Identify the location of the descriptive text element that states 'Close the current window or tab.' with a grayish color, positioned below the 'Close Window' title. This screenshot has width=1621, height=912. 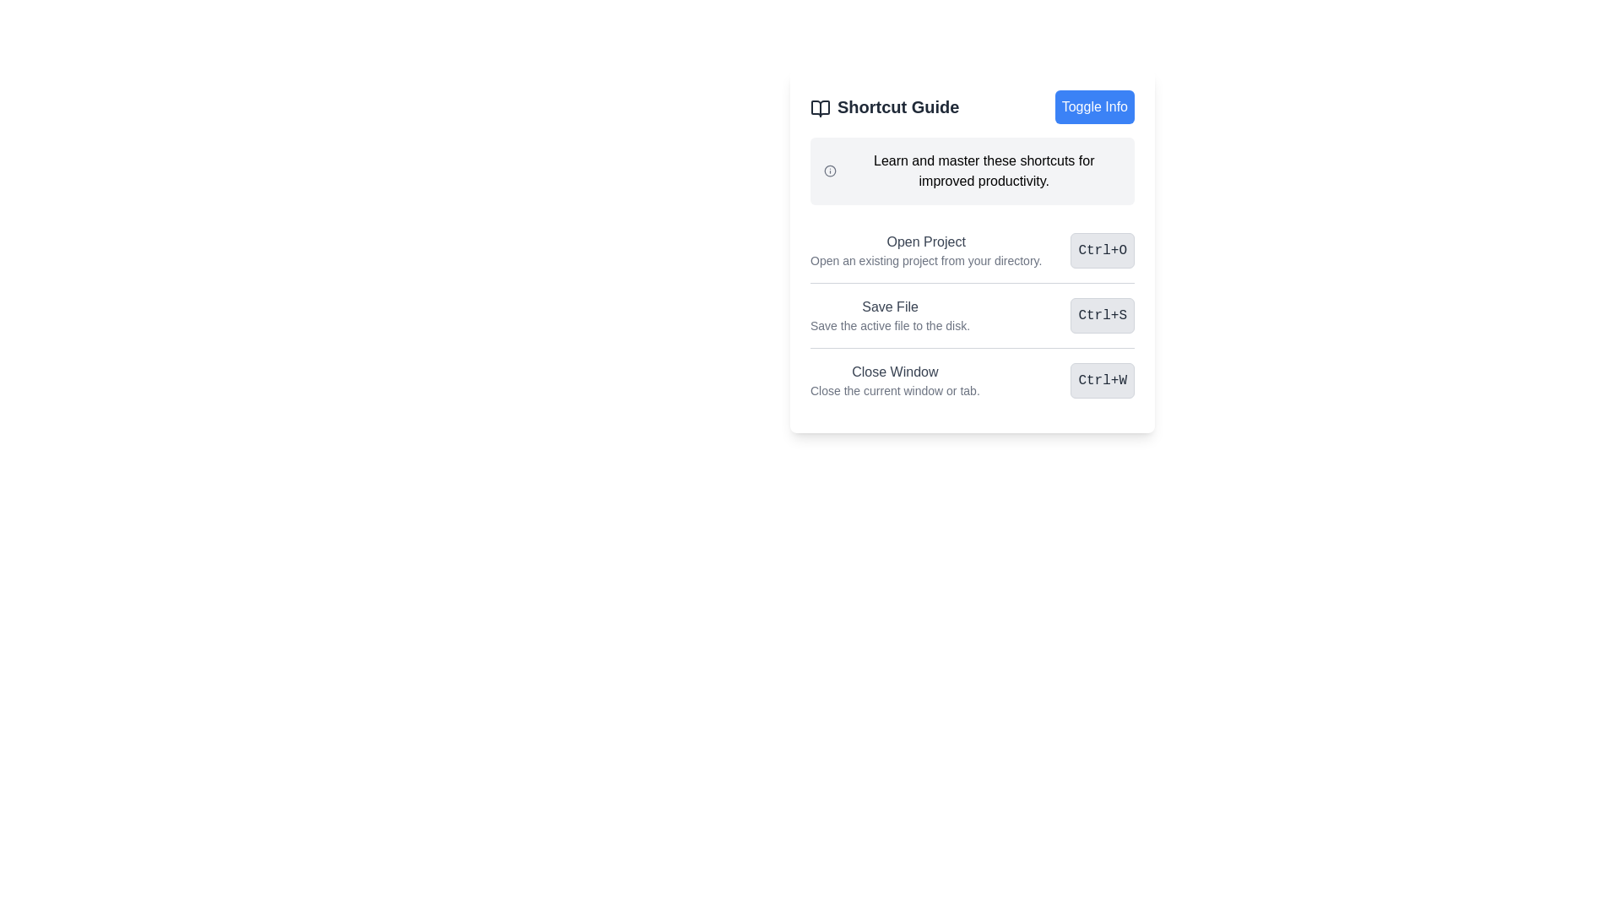
(894, 390).